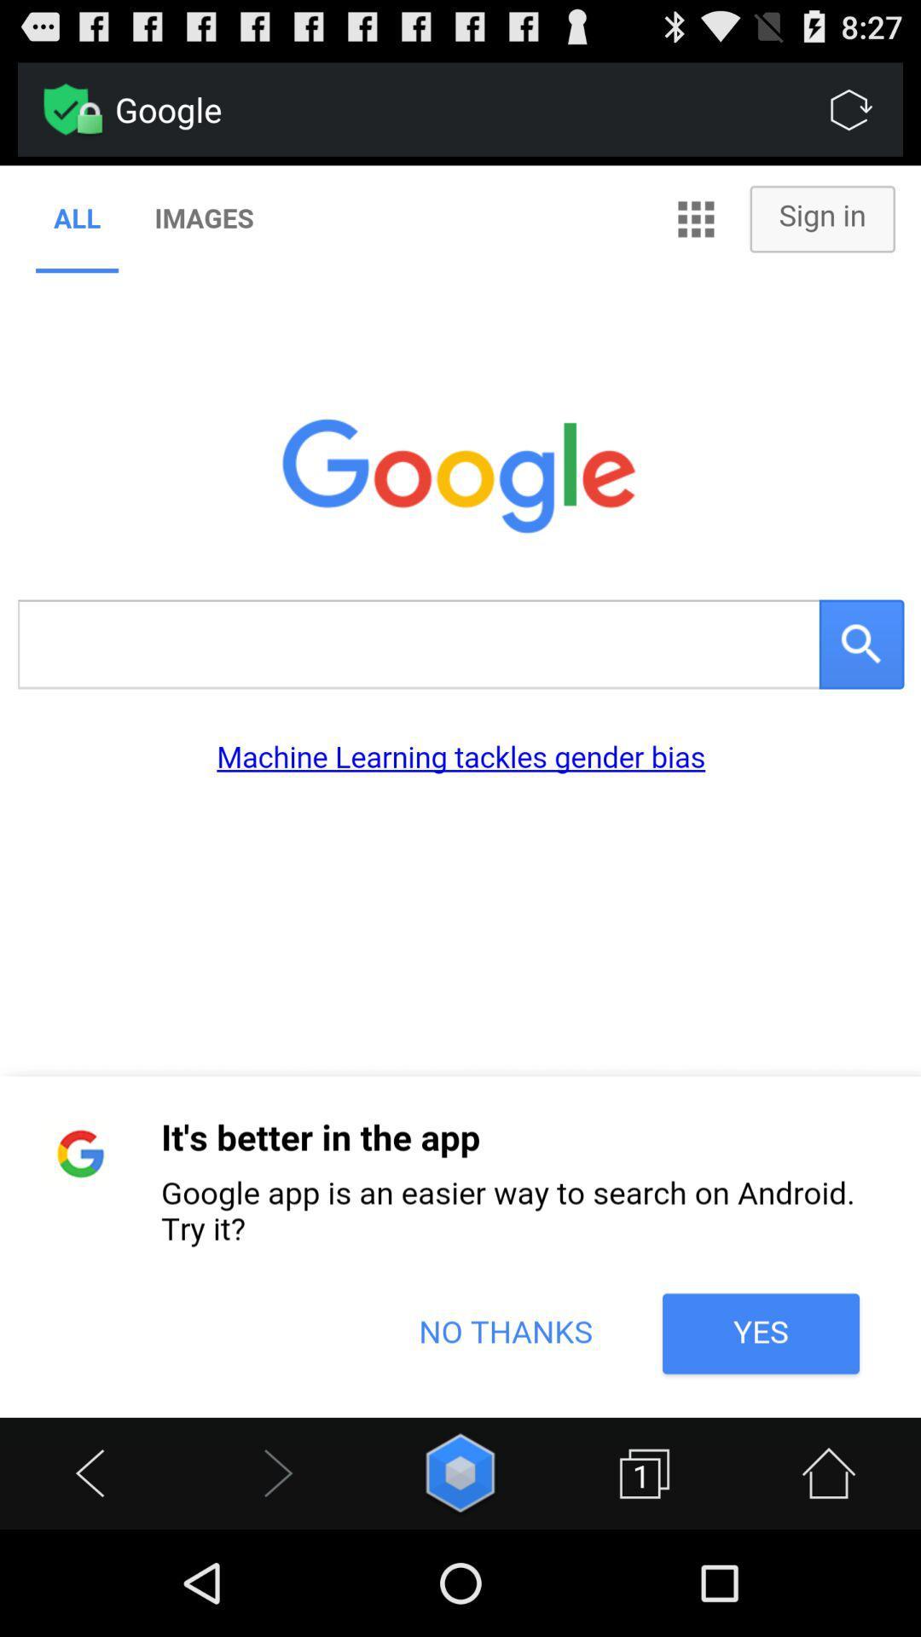 Image resolution: width=921 pixels, height=1637 pixels. What do you see at coordinates (460, 790) in the screenshot?
I see `color print` at bounding box center [460, 790].